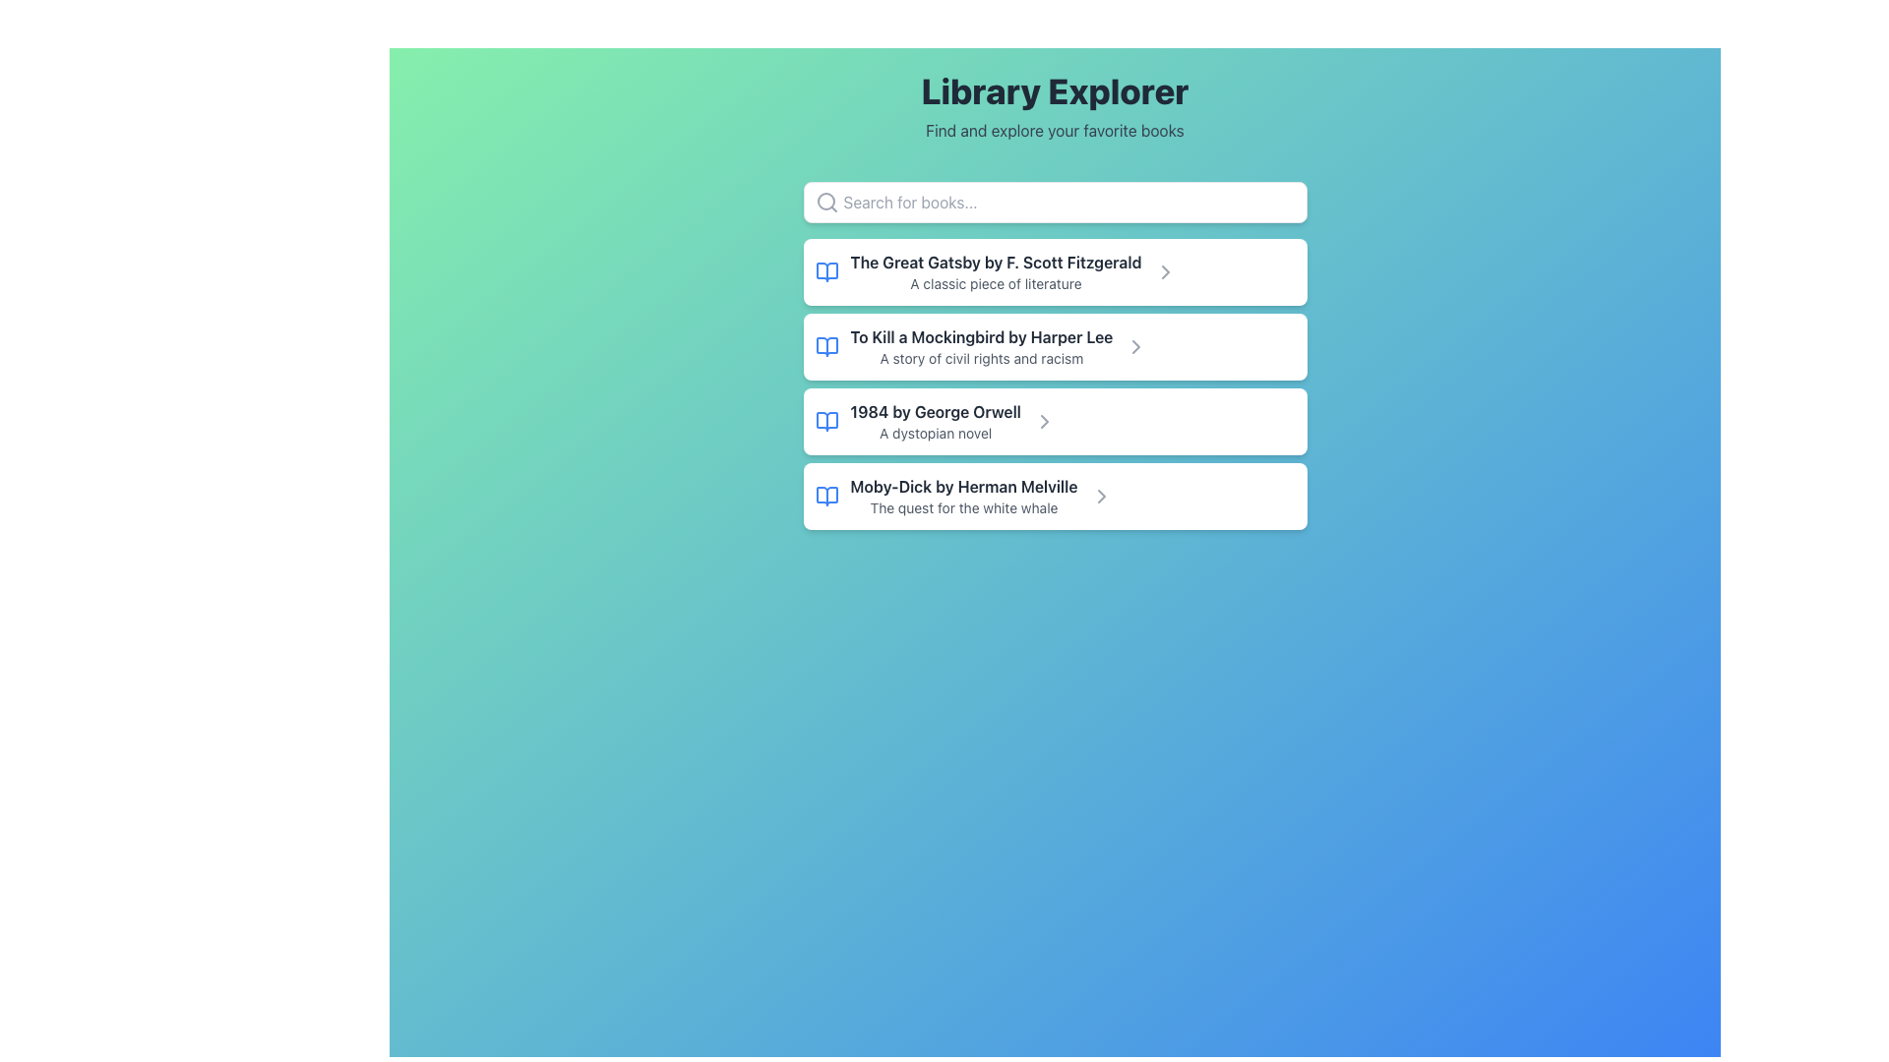 This screenshot has width=1889, height=1062. I want to click on text component located below the 'Library Explorer' heading, which serves as a descriptive subtitle providing additional context about the interface, so click(1054, 130).